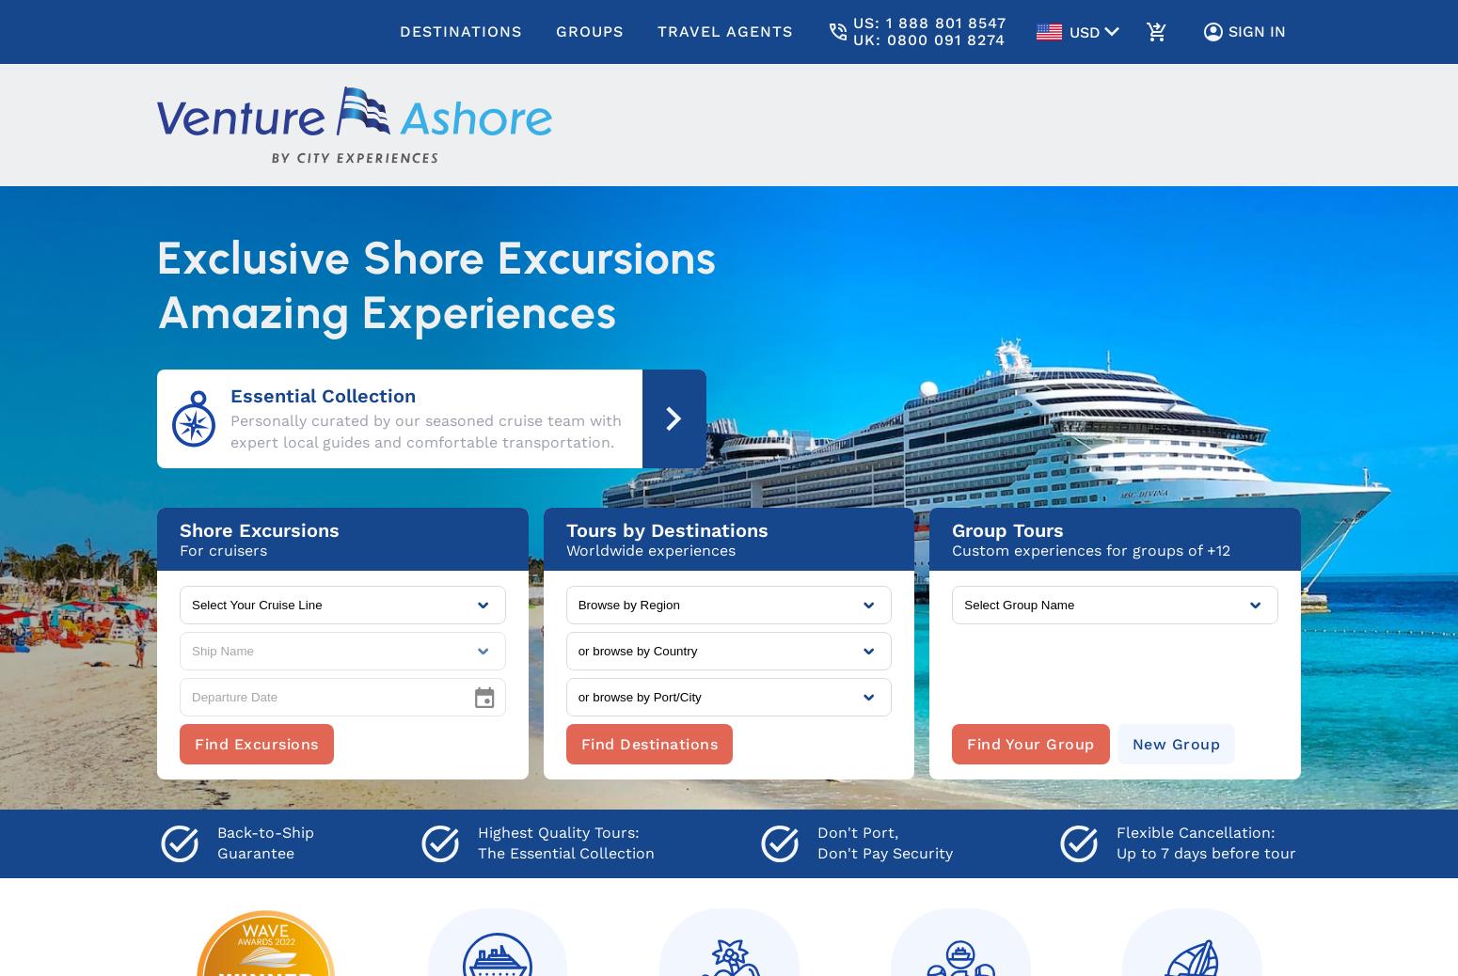  I want to click on 'US: 1 888 801 8547', so click(928, 22).